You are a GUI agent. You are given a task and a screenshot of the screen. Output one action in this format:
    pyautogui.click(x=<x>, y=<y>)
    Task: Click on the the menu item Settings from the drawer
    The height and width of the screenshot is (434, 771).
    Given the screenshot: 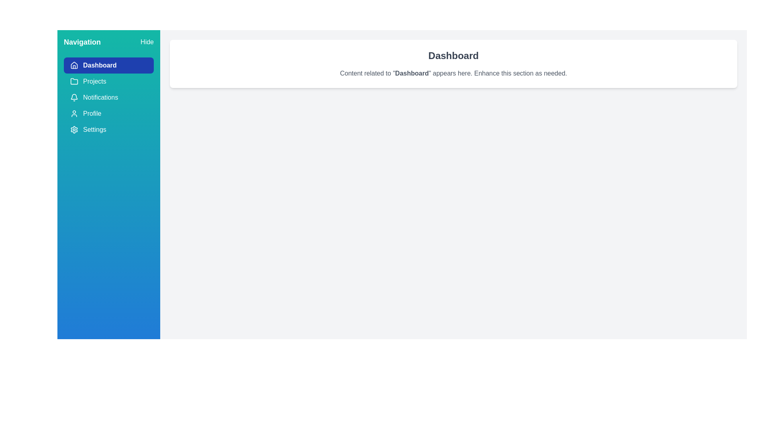 What is the action you would take?
    pyautogui.click(x=108, y=129)
    